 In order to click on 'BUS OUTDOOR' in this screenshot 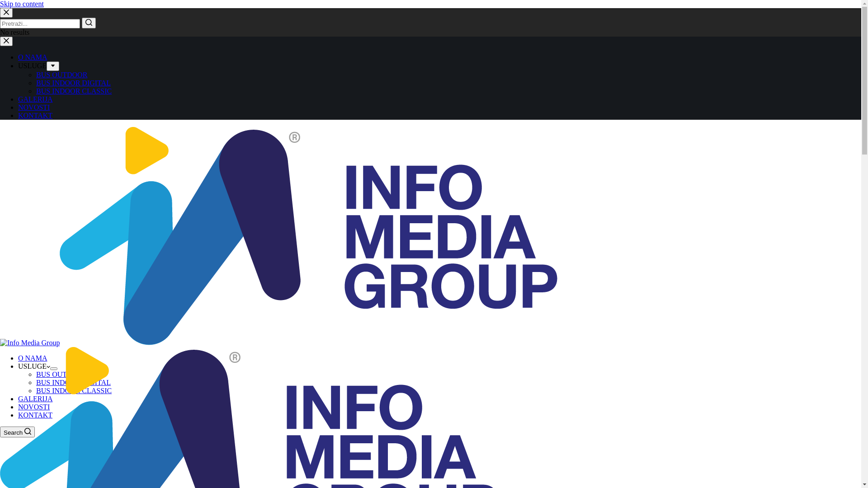, I will do `click(61, 74)`.